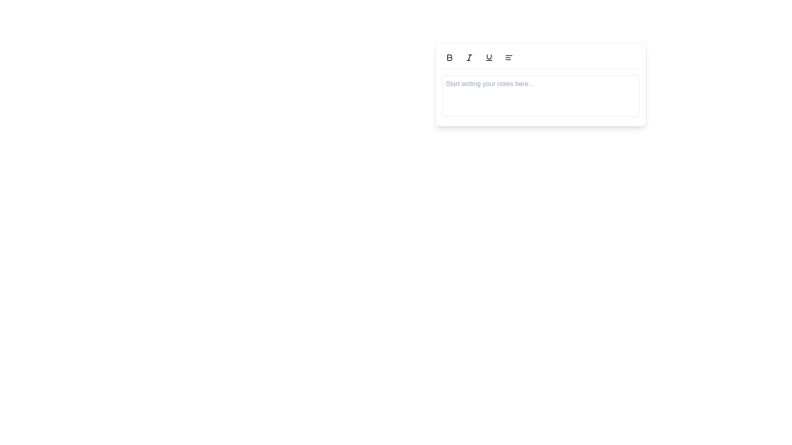  Describe the element at coordinates (469, 57) in the screenshot. I see `the italic formatting button located in the toolbar of the note editing interface, which is the second button between the bold and underline buttons` at that location.